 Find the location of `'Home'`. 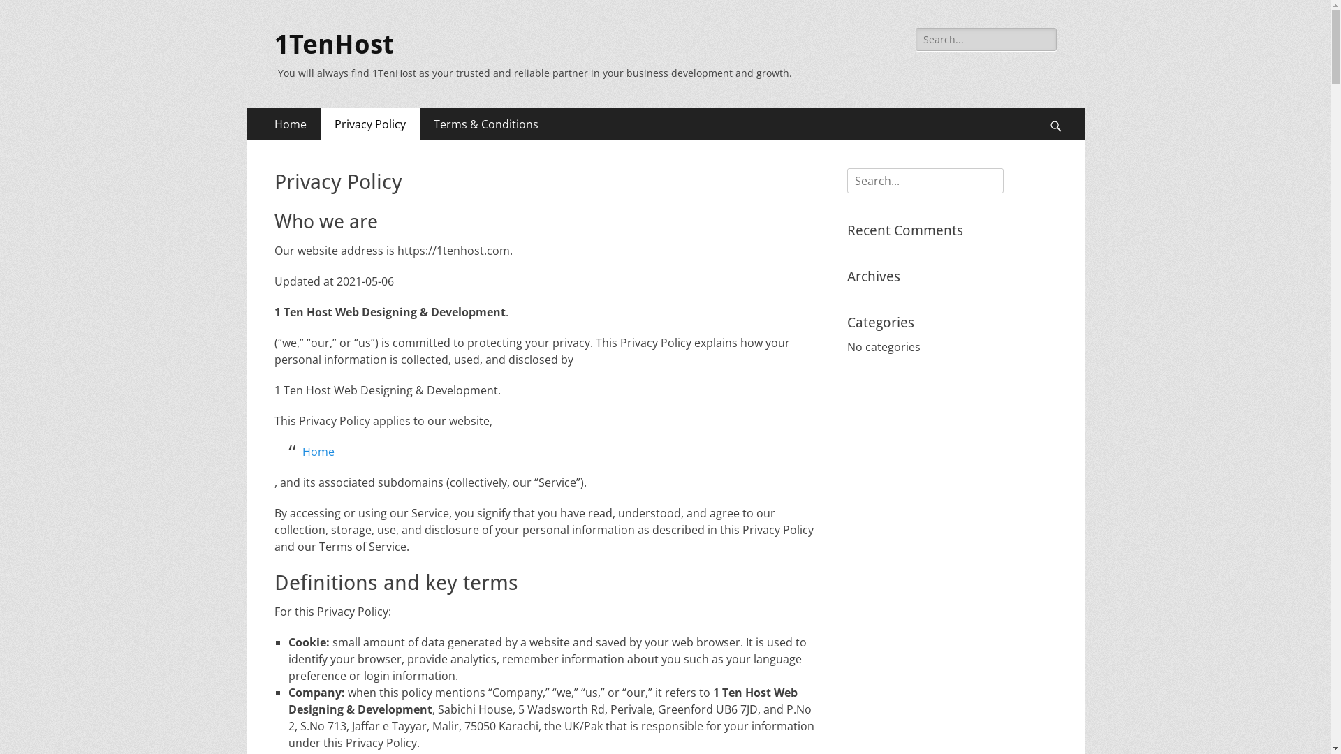

'Home' is located at coordinates (288, 123).